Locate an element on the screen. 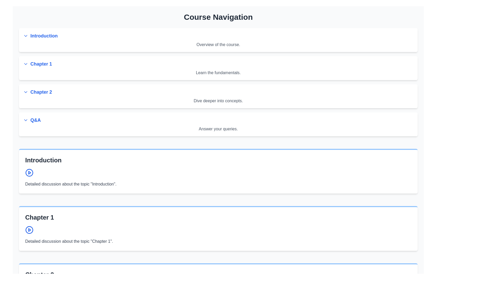  text block containing 'Detailed discussion about the topic "Introduction".' which is styled in gray on a white background, positioned beneath the 'Introduction' title and the blue circular play button is located at coordinates (70, 184).